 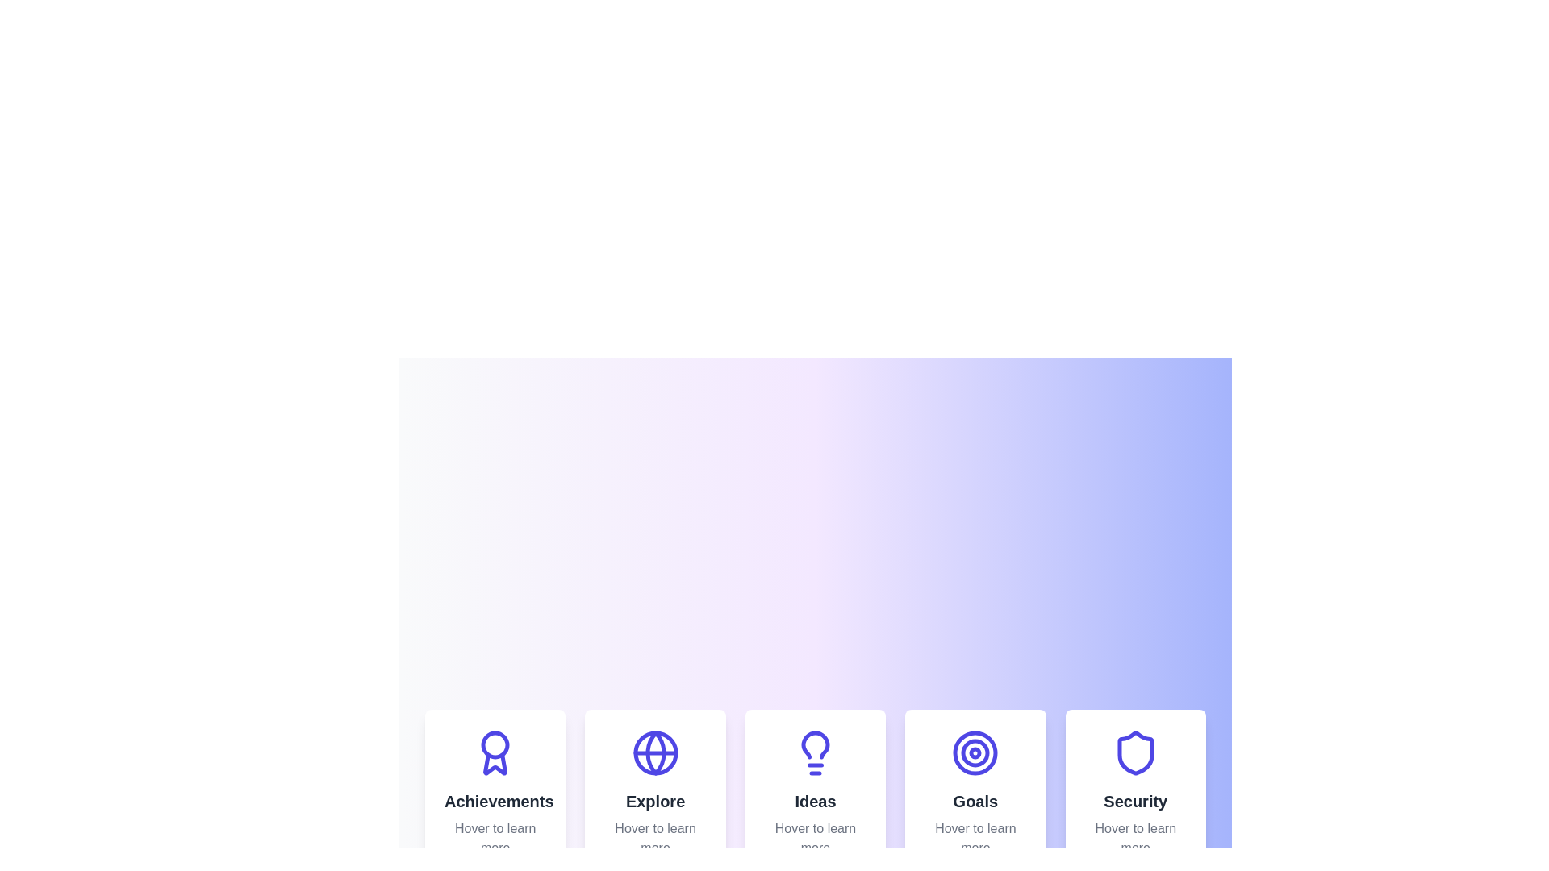 I want to click on the visual representation of the 'Goals' card icon located at the uppermost part of the card in the bottom middle of the interface, so click(x=975, y=752).